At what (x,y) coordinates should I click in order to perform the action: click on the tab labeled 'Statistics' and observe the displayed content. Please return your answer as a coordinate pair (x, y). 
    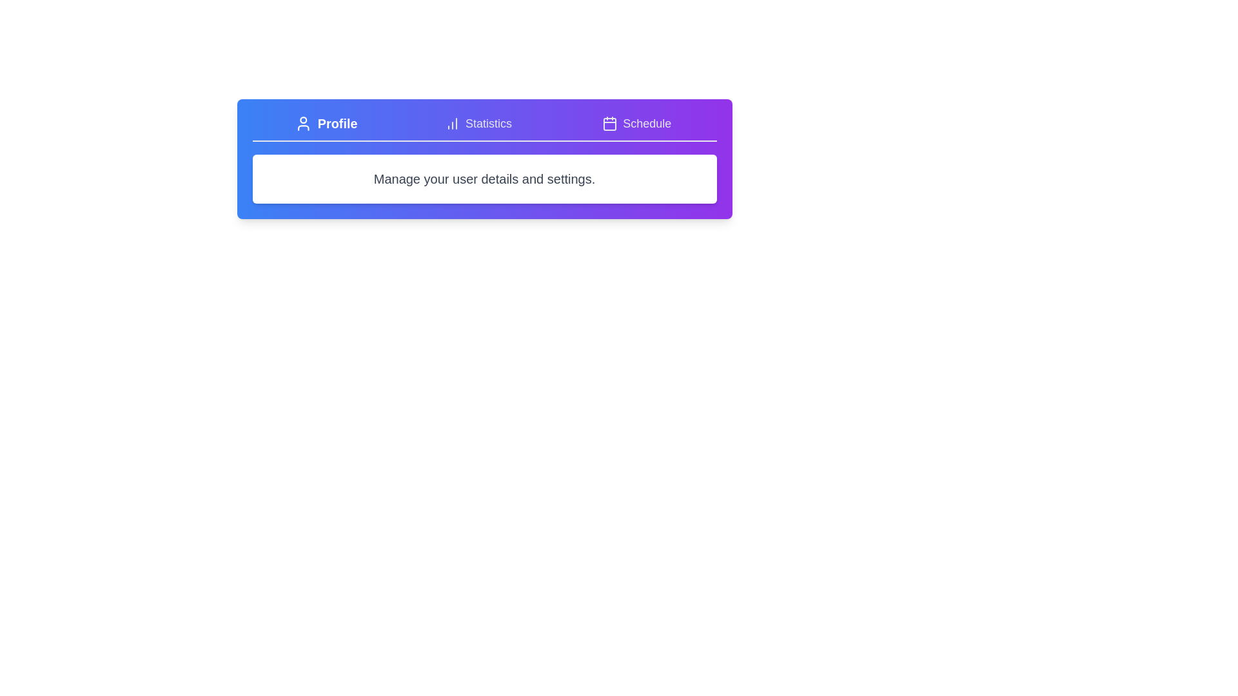
    Looking at the image, I should click on (477, 124).